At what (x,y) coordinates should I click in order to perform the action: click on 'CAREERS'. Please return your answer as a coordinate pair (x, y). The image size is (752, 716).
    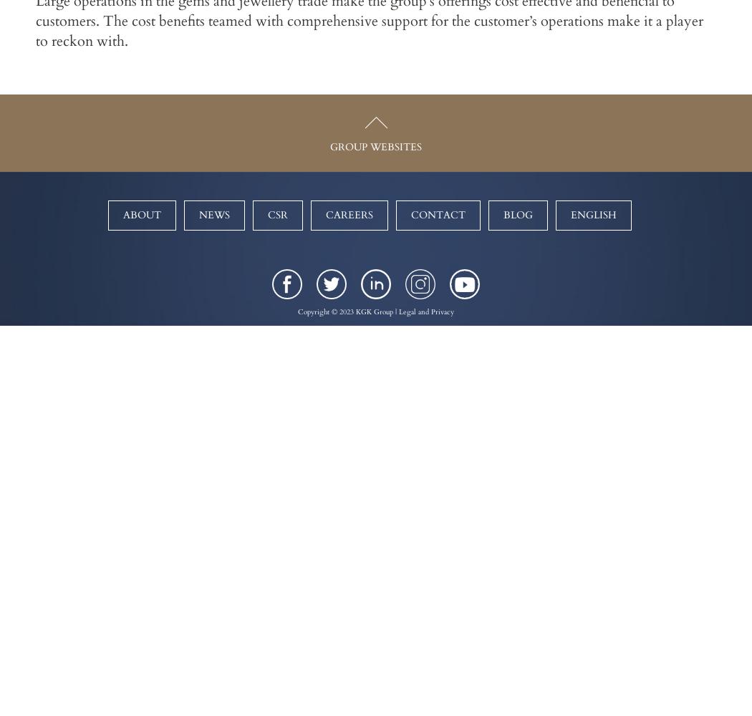
    Looking at the image, I should click on (325, 214).